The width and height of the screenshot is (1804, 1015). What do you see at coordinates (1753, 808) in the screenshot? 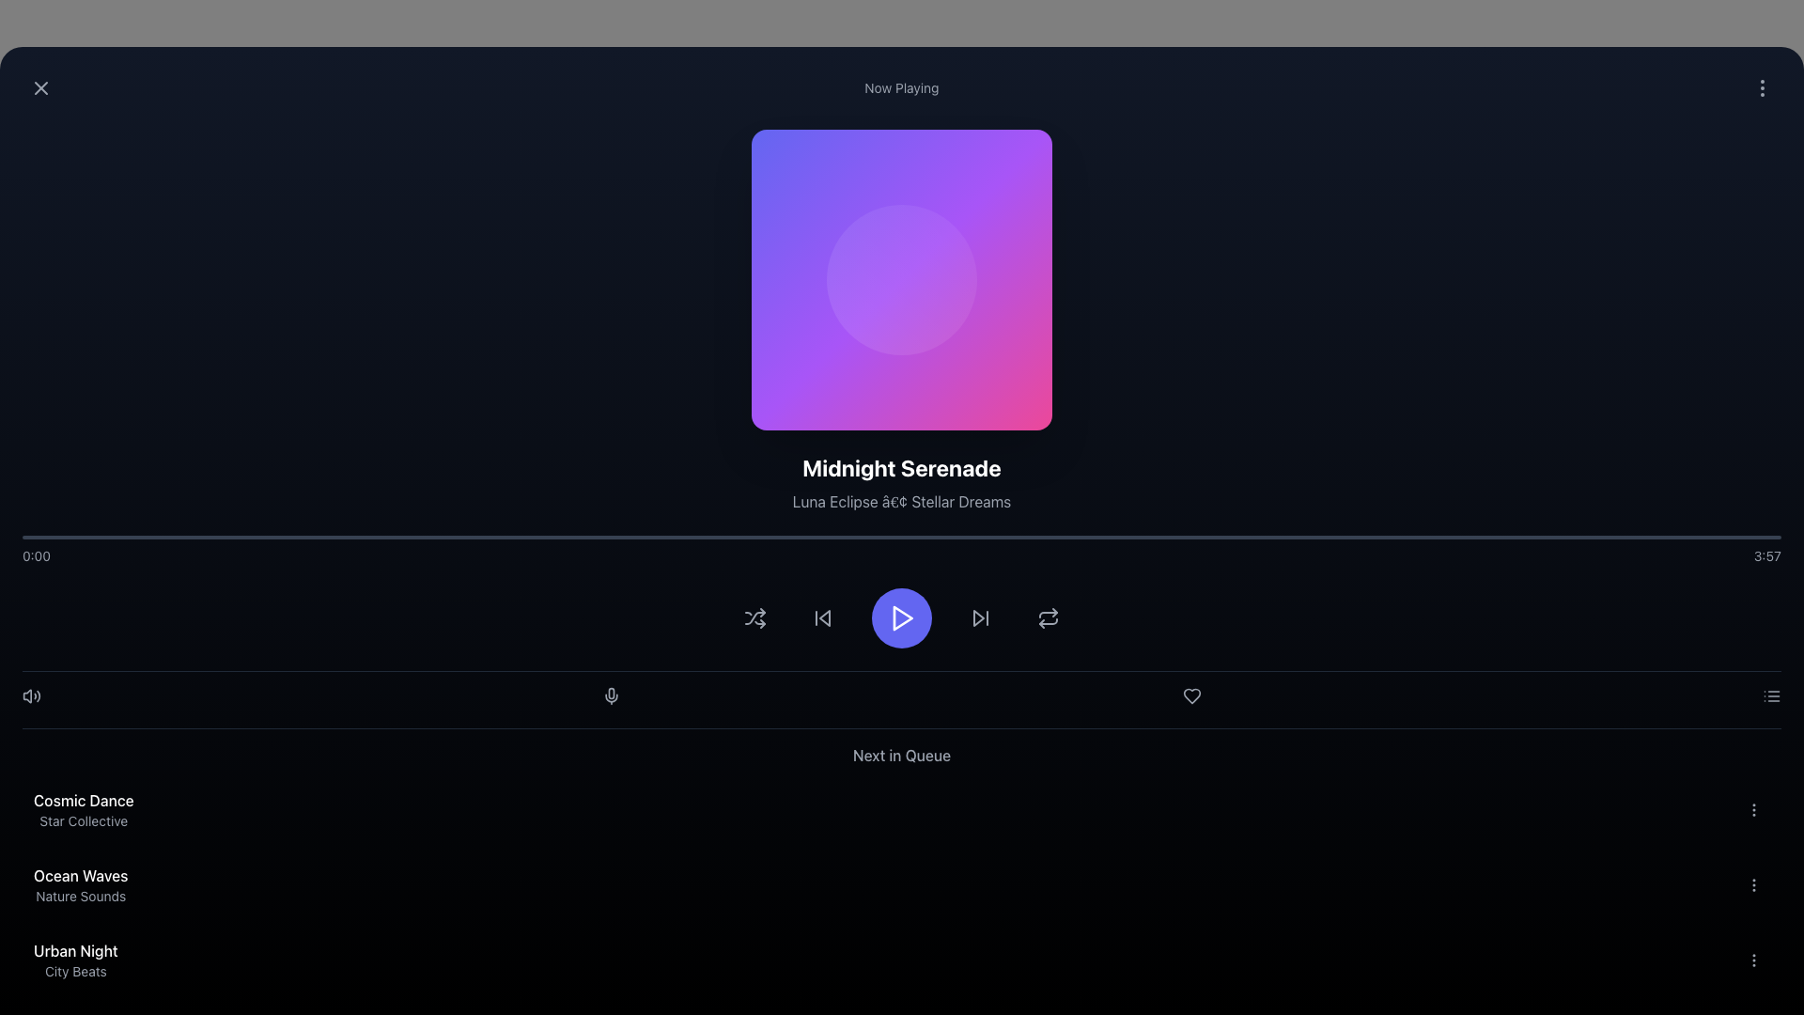
I see `the vertical ellipsis icon indicating additional options for the 'Cosmic DanceStar Collective'` at bounding box center [1753, 808].